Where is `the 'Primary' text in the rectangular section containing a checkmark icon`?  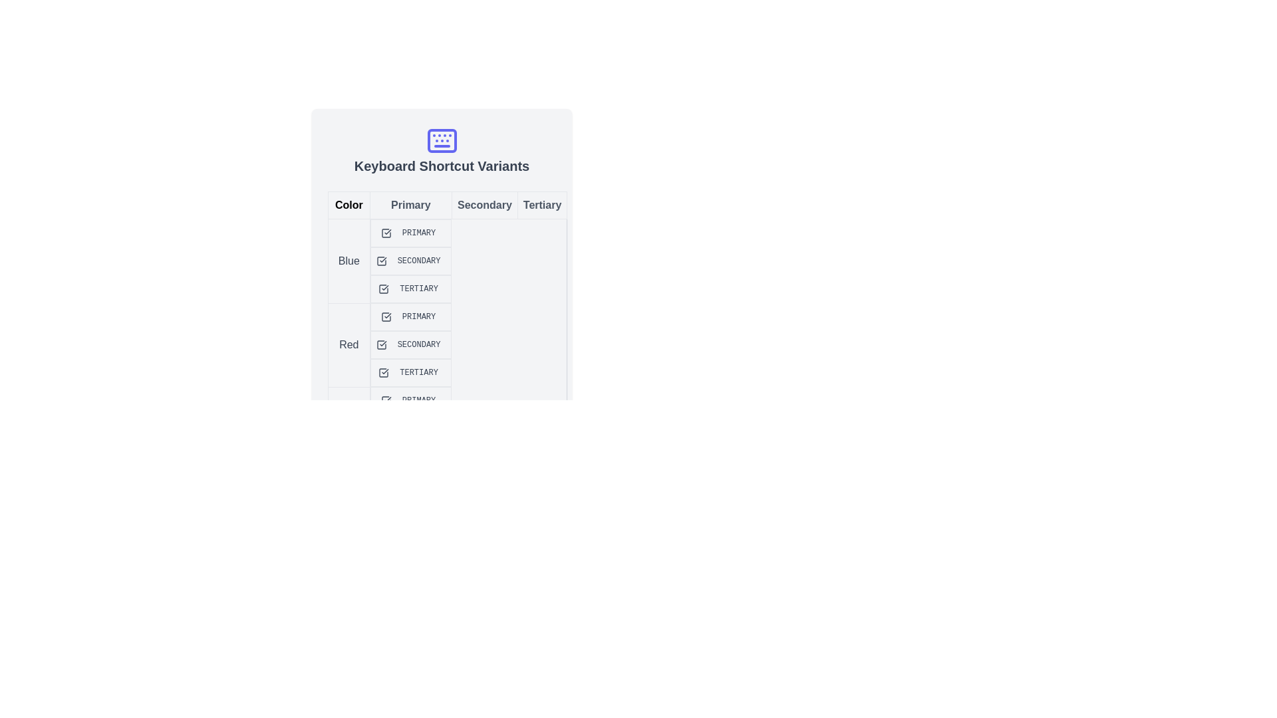 the 'Primary' text in the rectangular section containing a checkmark icon is located at coordinates (410, 317).